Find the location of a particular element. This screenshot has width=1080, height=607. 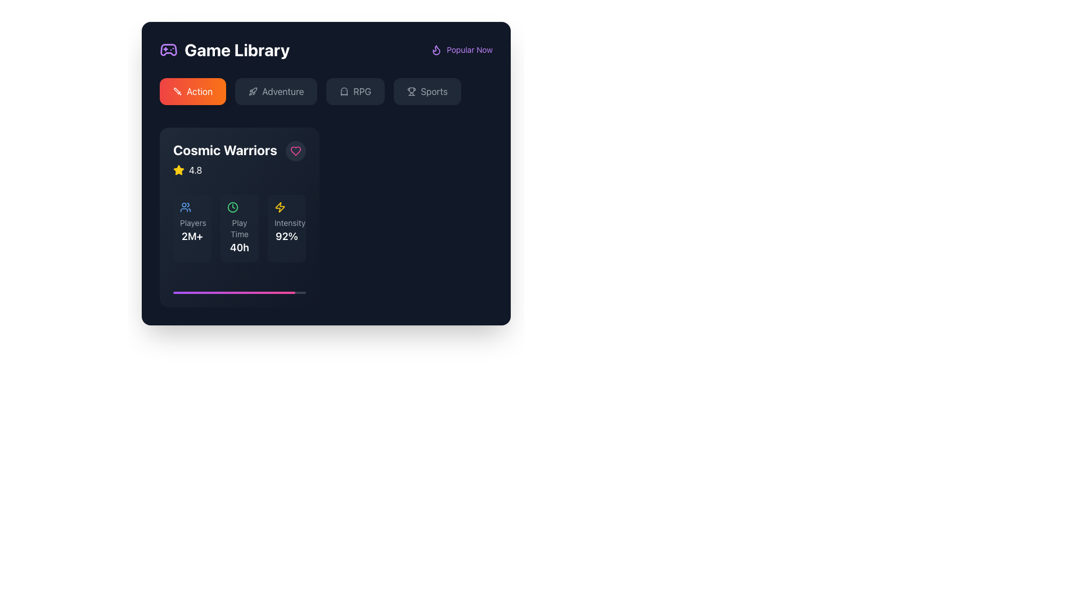

the Informational card located in the bottom-right cell of a three-column layout, featuring a yellow lightning bolt icon and the text 'Intensity' with '92%' percentage is located at coordinates (286, 228).